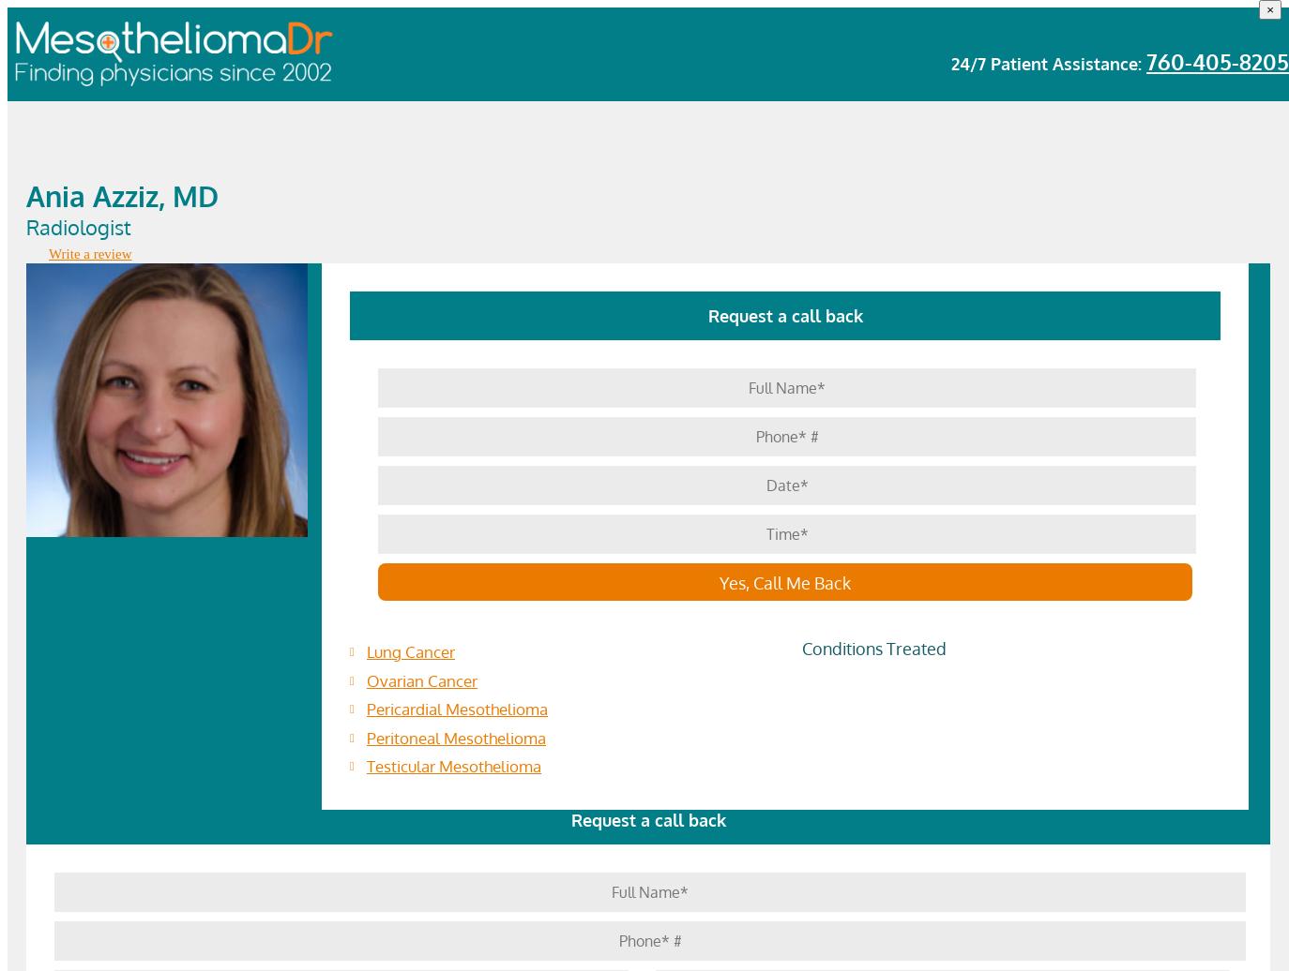 This screenshot has height=971, width=1289. I want to click on 'Pericardial Mesothelioma', so click(457, 709).